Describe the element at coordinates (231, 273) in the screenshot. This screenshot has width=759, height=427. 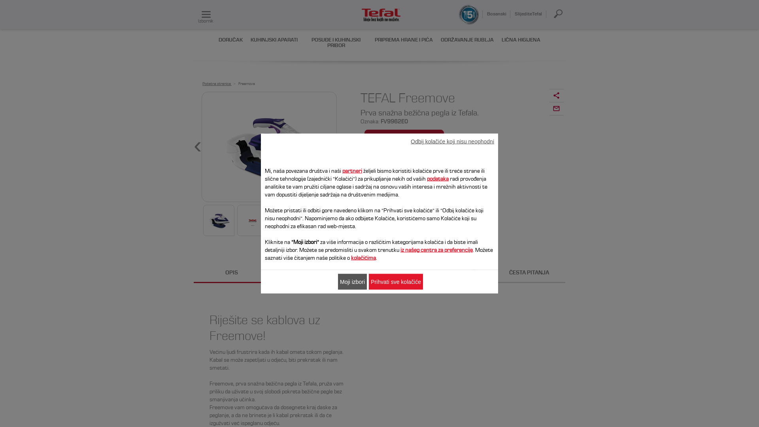
I see `'OPIS'` at that location.